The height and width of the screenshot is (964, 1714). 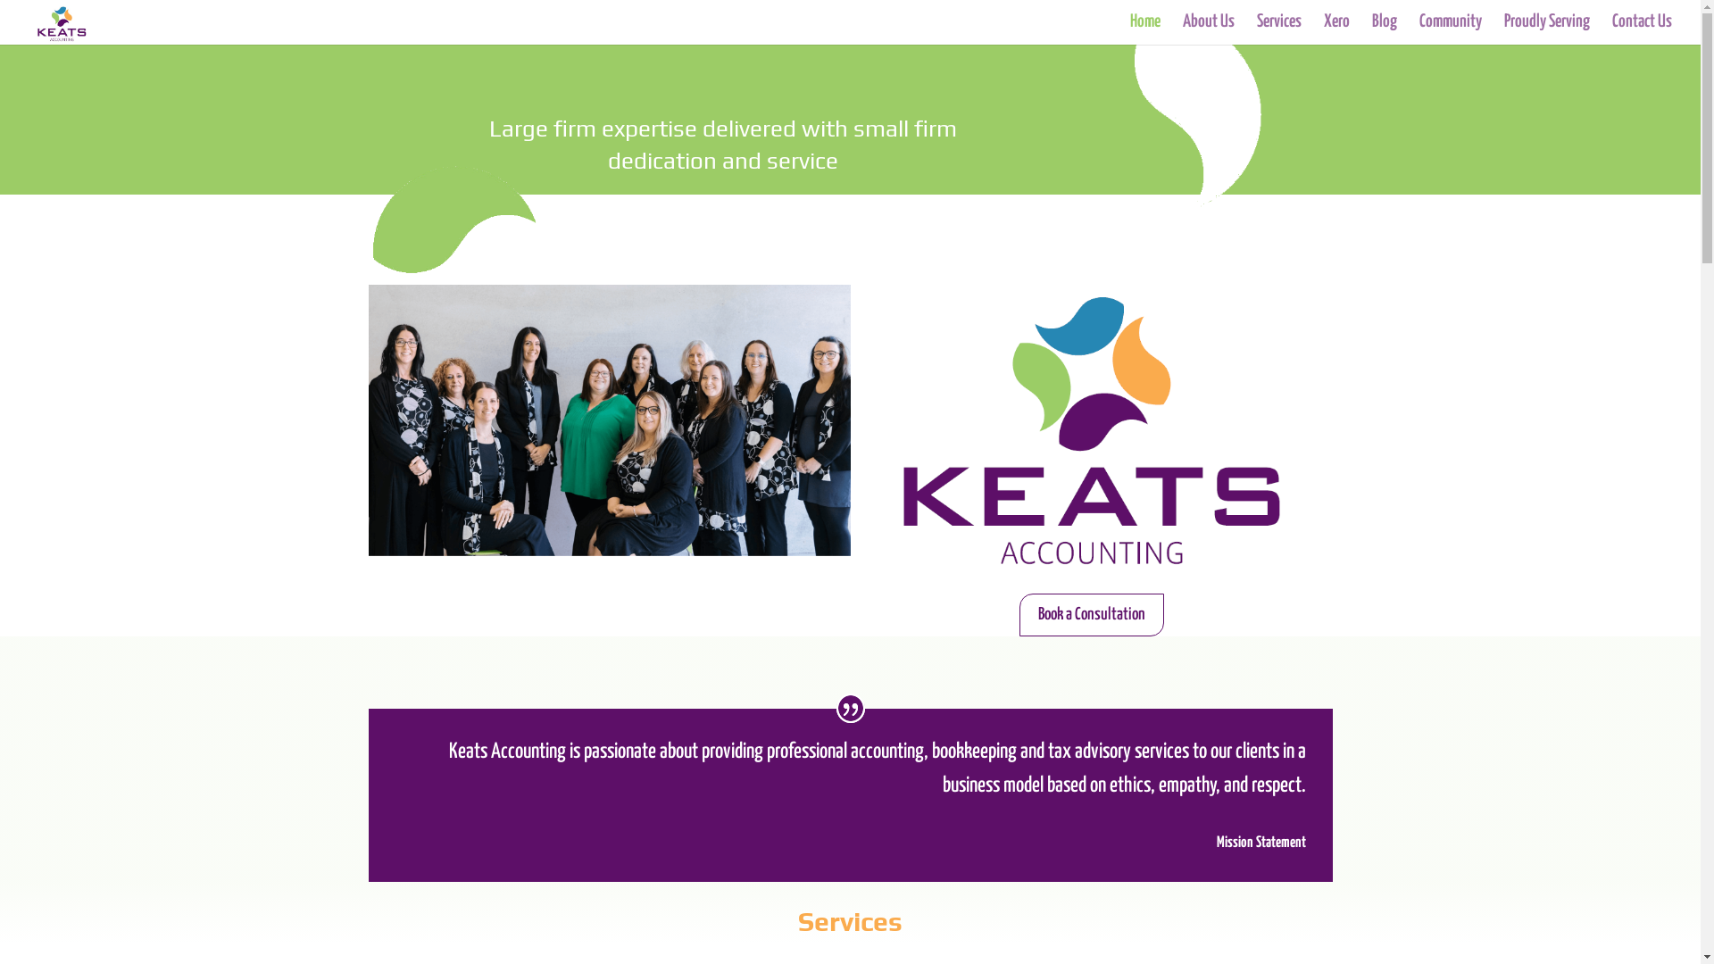 What do you see at coordinates (1545, 30) in the screenshot?
I see `'Proudly Serving'` at bounding box center [1545, 30].